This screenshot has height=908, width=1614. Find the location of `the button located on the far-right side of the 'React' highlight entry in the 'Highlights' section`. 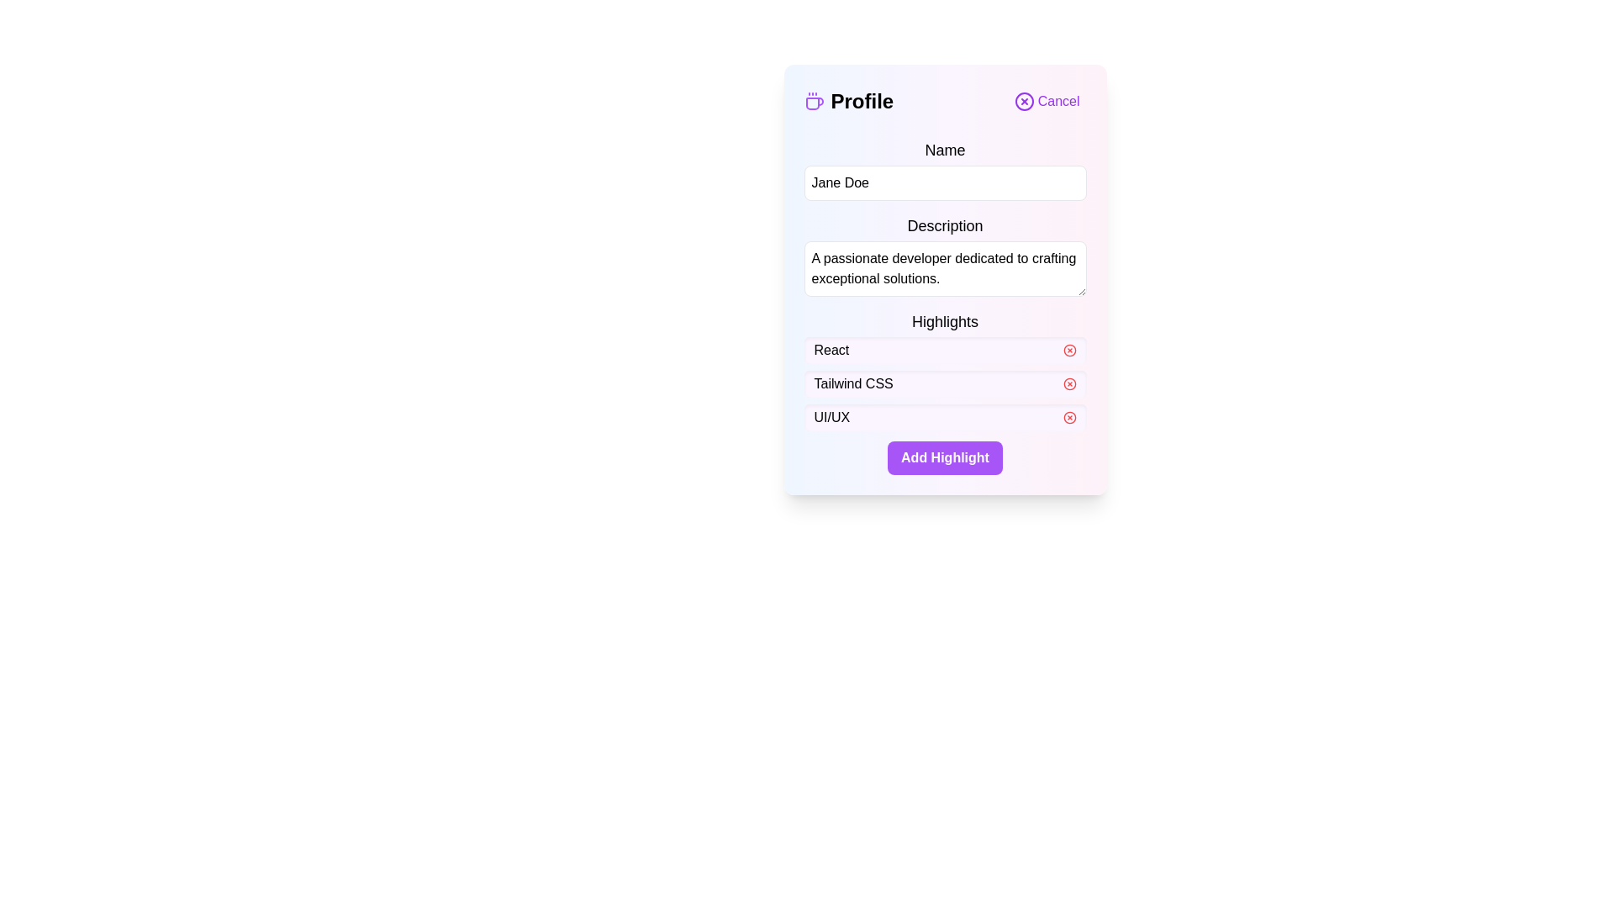

the button located on the far-right side of the 'React' highlight entry in the 'Highlights' section is located at coordinates (1068, 349).